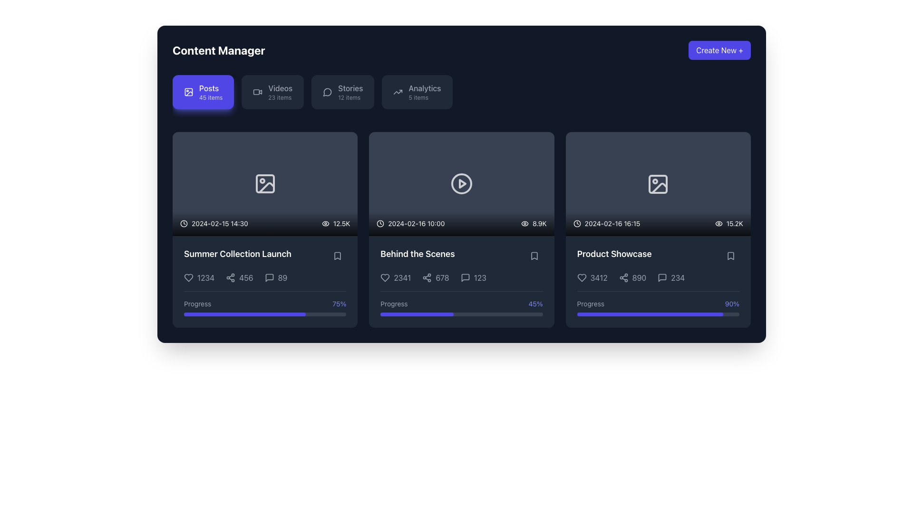  I want to click on the text label displaying '12 items' associated with the 'Stories' category, which is positioned directly below the 'Stories' label in the navigation interface, so click(349, 97).